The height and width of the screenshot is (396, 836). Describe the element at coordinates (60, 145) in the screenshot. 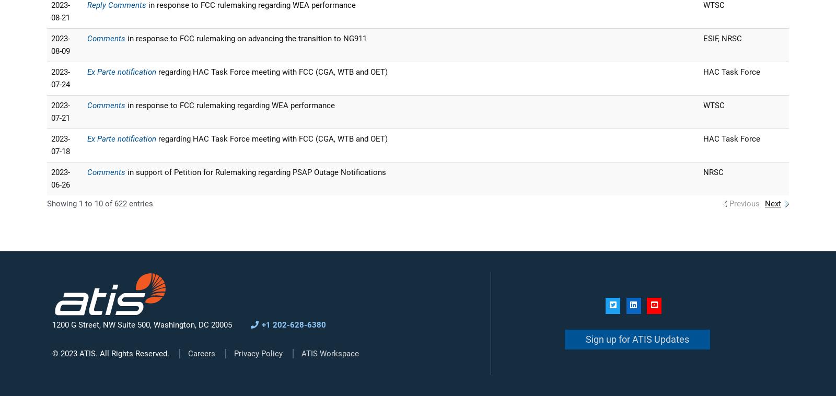

I see `'2023-07-18'` at that location.